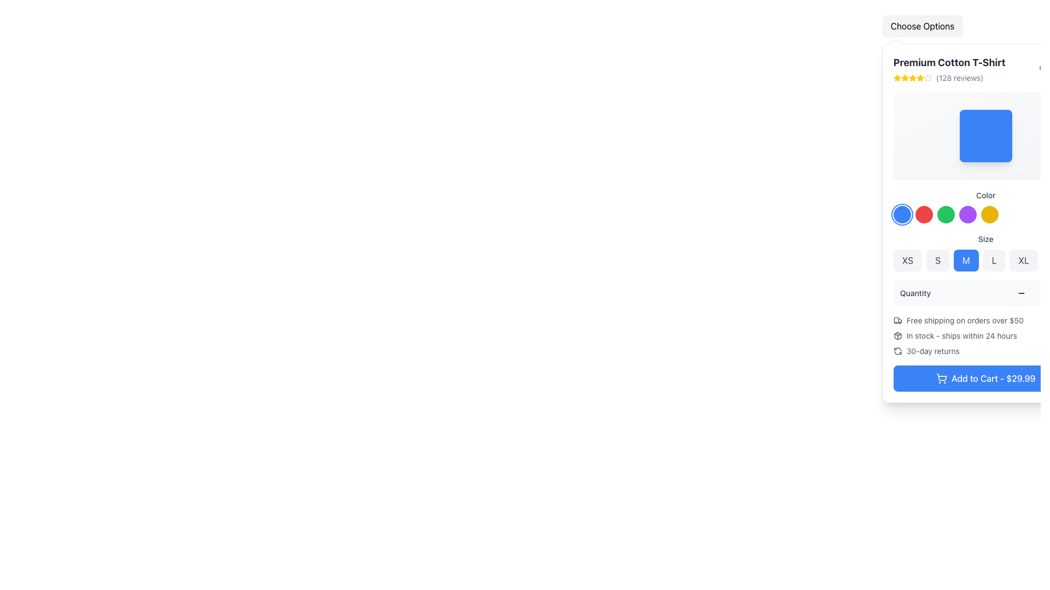  Describe the element at coordinates (927, 77) in the screenshot. I see `the fifth star icon in the rating display below the title 'Premium Cotton T-Shirt', which is styled with a 'text-gray-300' color` at that location.